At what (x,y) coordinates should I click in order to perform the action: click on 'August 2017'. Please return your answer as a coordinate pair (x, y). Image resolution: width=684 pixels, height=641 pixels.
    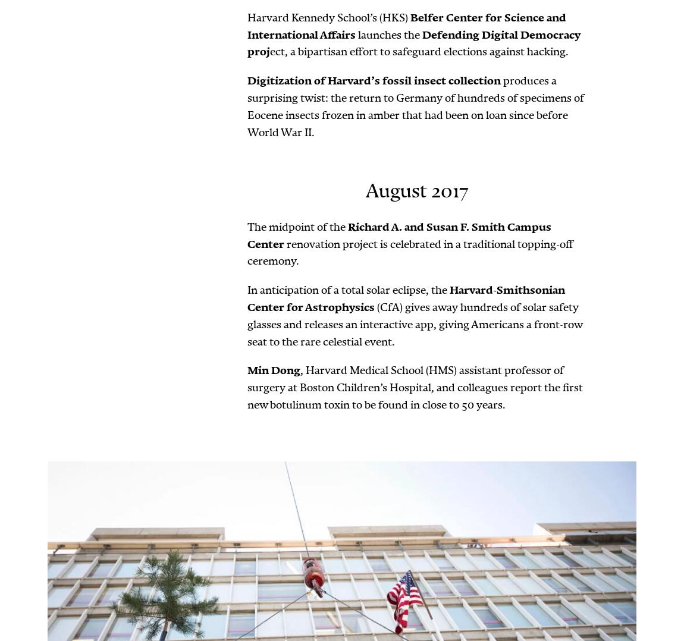
    Looking at the image, I should click on (416, 190).